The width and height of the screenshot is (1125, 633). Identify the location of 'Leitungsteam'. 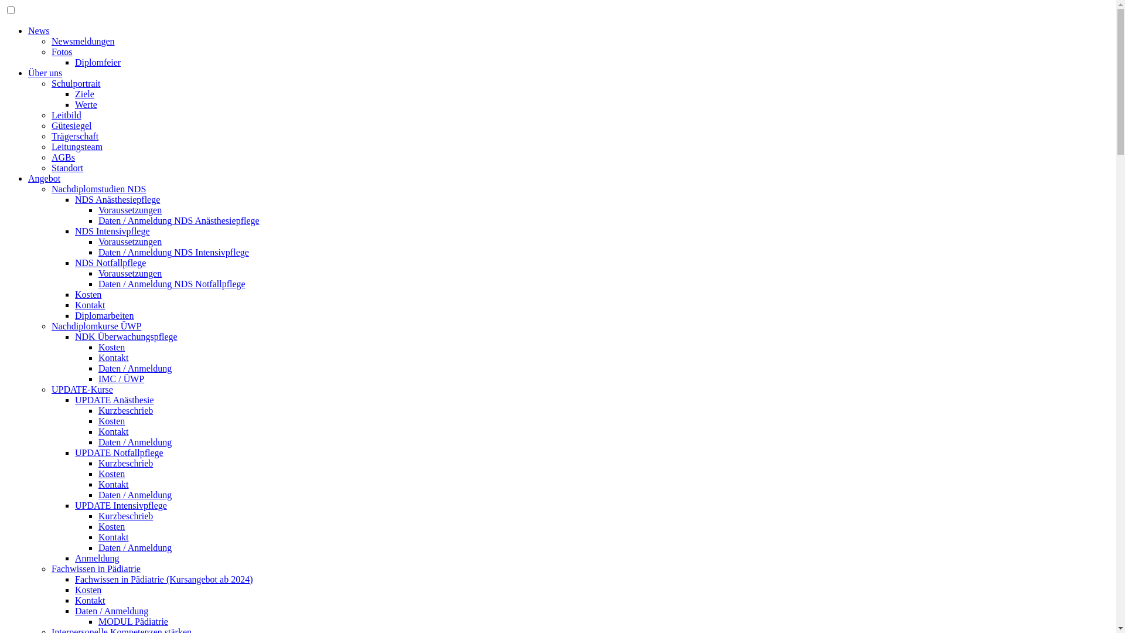
(76, 146).